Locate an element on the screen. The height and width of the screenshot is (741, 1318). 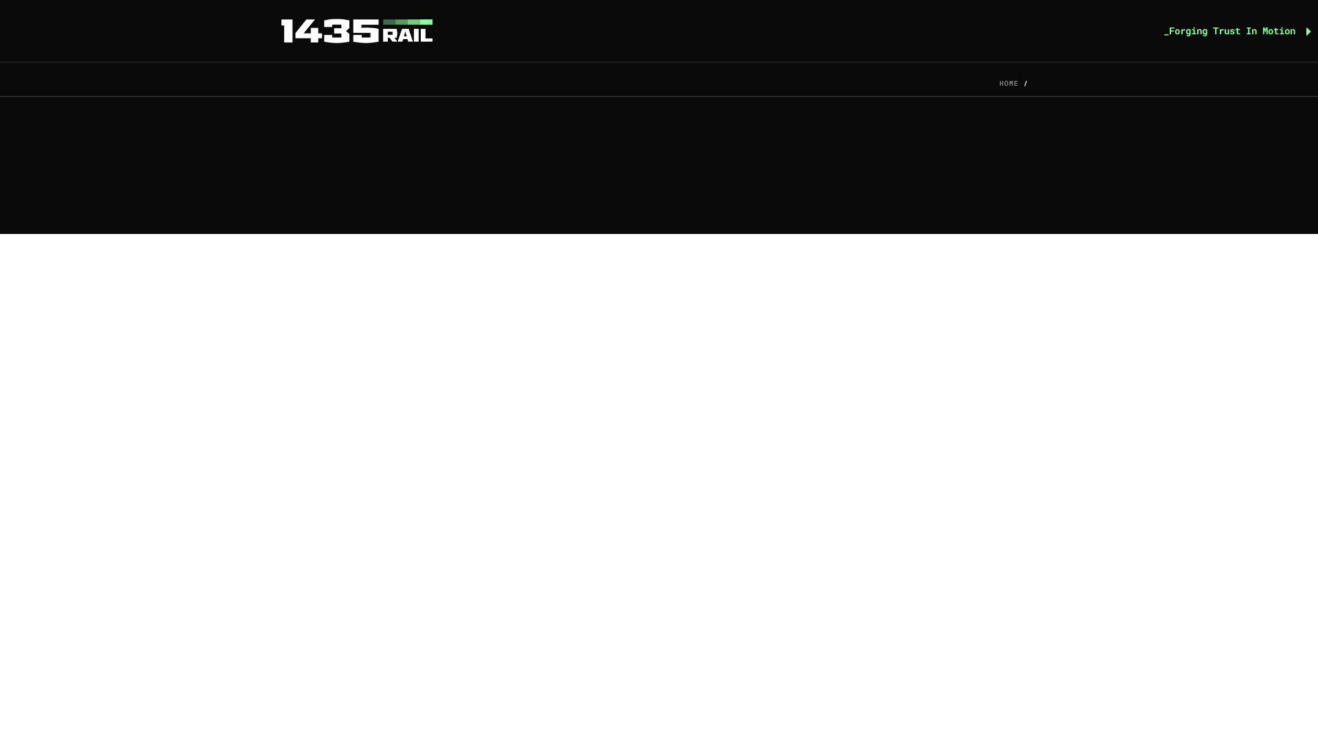
'_Forging Trust In Motion' is located at coordinates (1237, 31).